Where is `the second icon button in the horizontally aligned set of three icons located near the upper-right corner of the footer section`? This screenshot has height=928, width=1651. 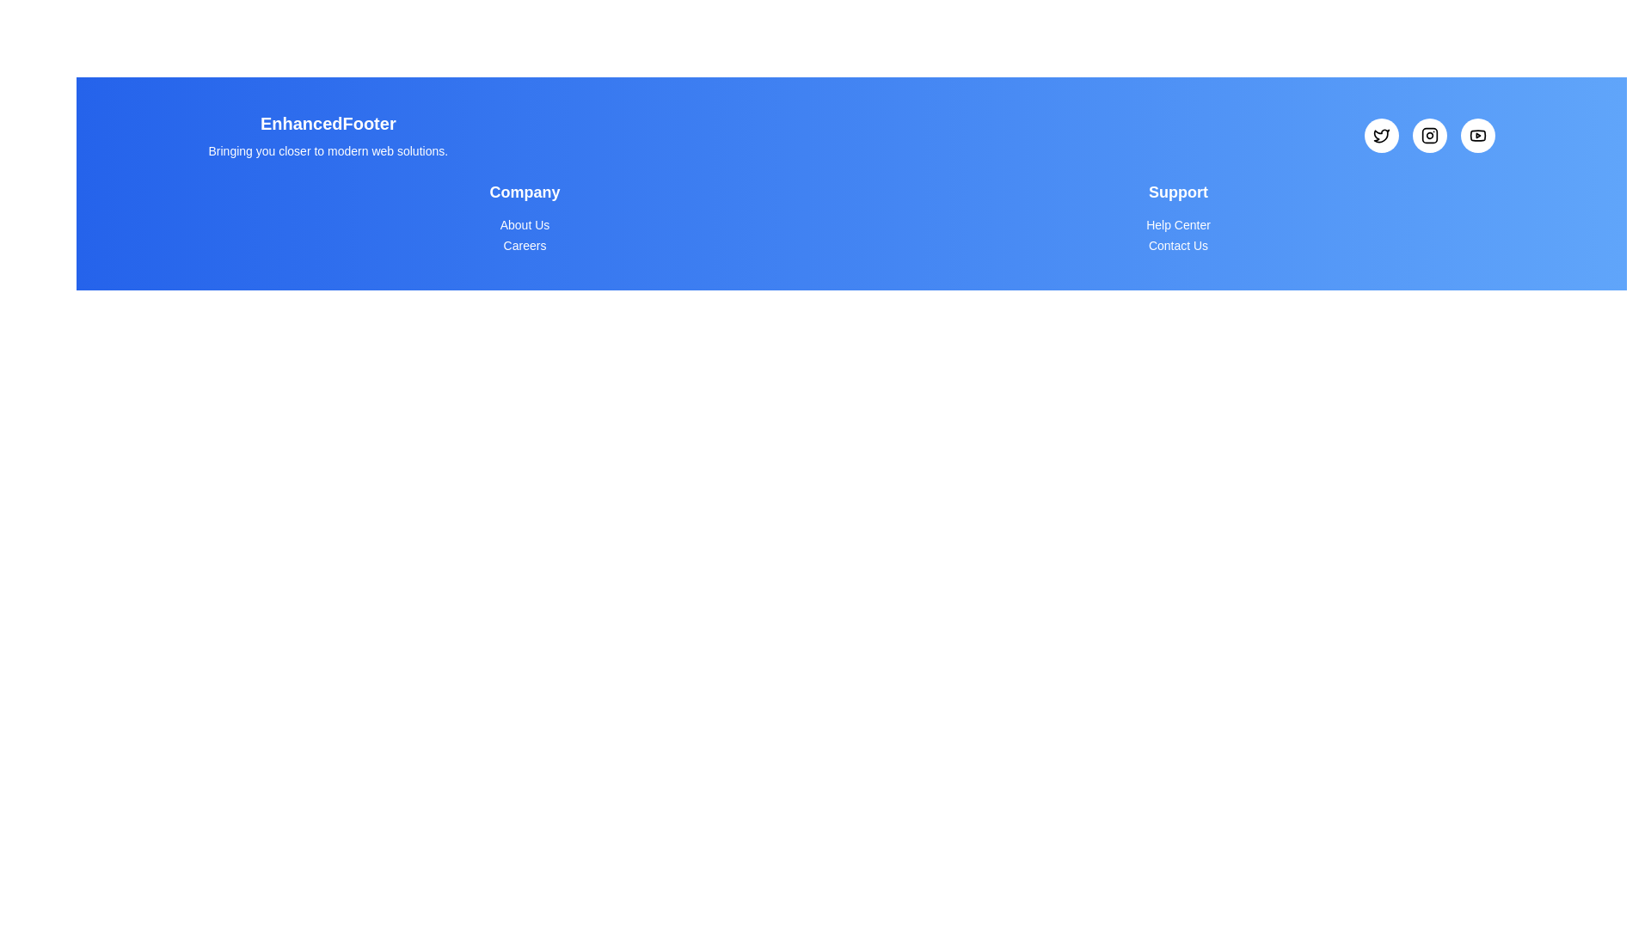 the second icon button in the horizontally aligned set of three icons located near the upper-right corner of the footer section is located at coordinates (1429, 135).